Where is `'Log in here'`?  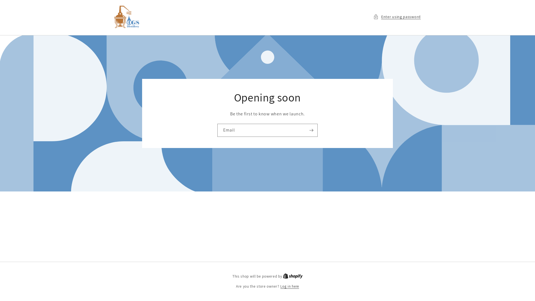 'Log in here' is located at coordinates (280, 287).